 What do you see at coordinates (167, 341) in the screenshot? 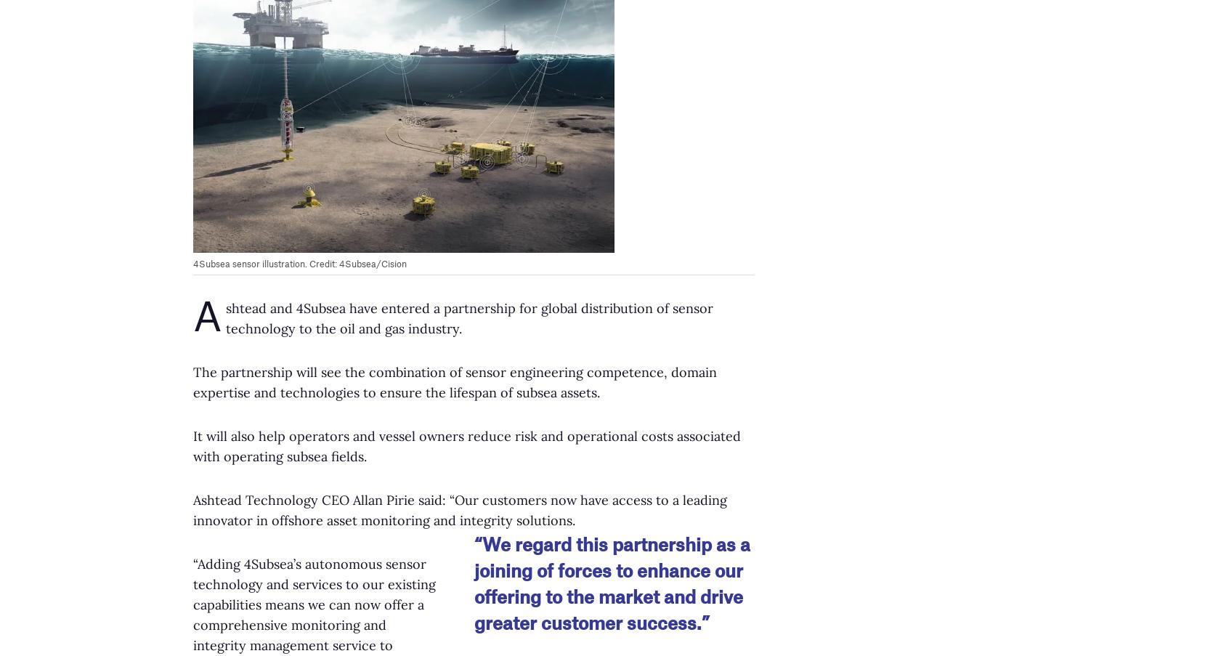
I see `'More Relevant'` at bounding box center [167, 341].